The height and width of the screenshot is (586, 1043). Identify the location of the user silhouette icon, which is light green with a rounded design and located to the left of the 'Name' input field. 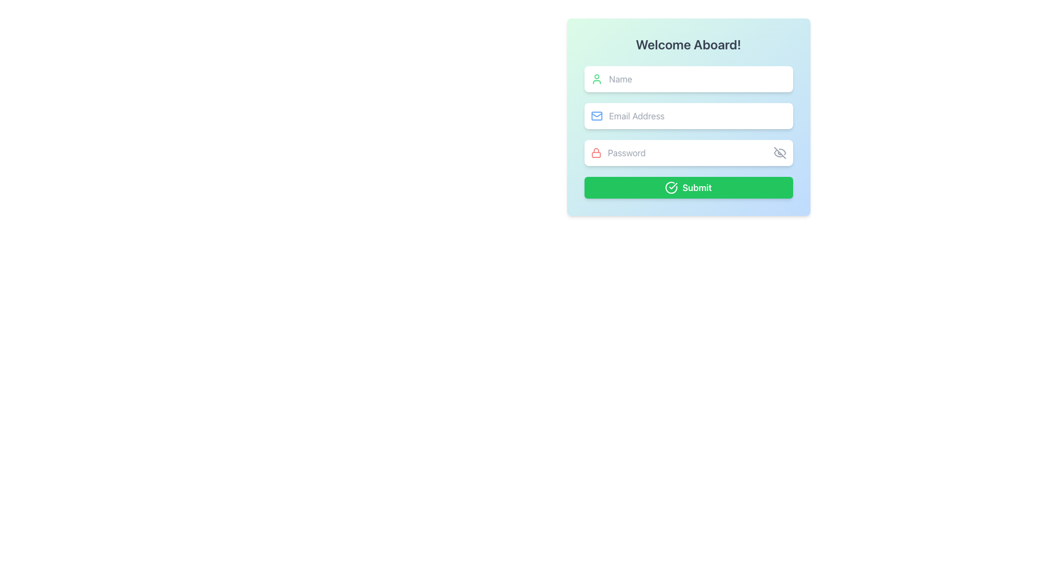
(596, 79).